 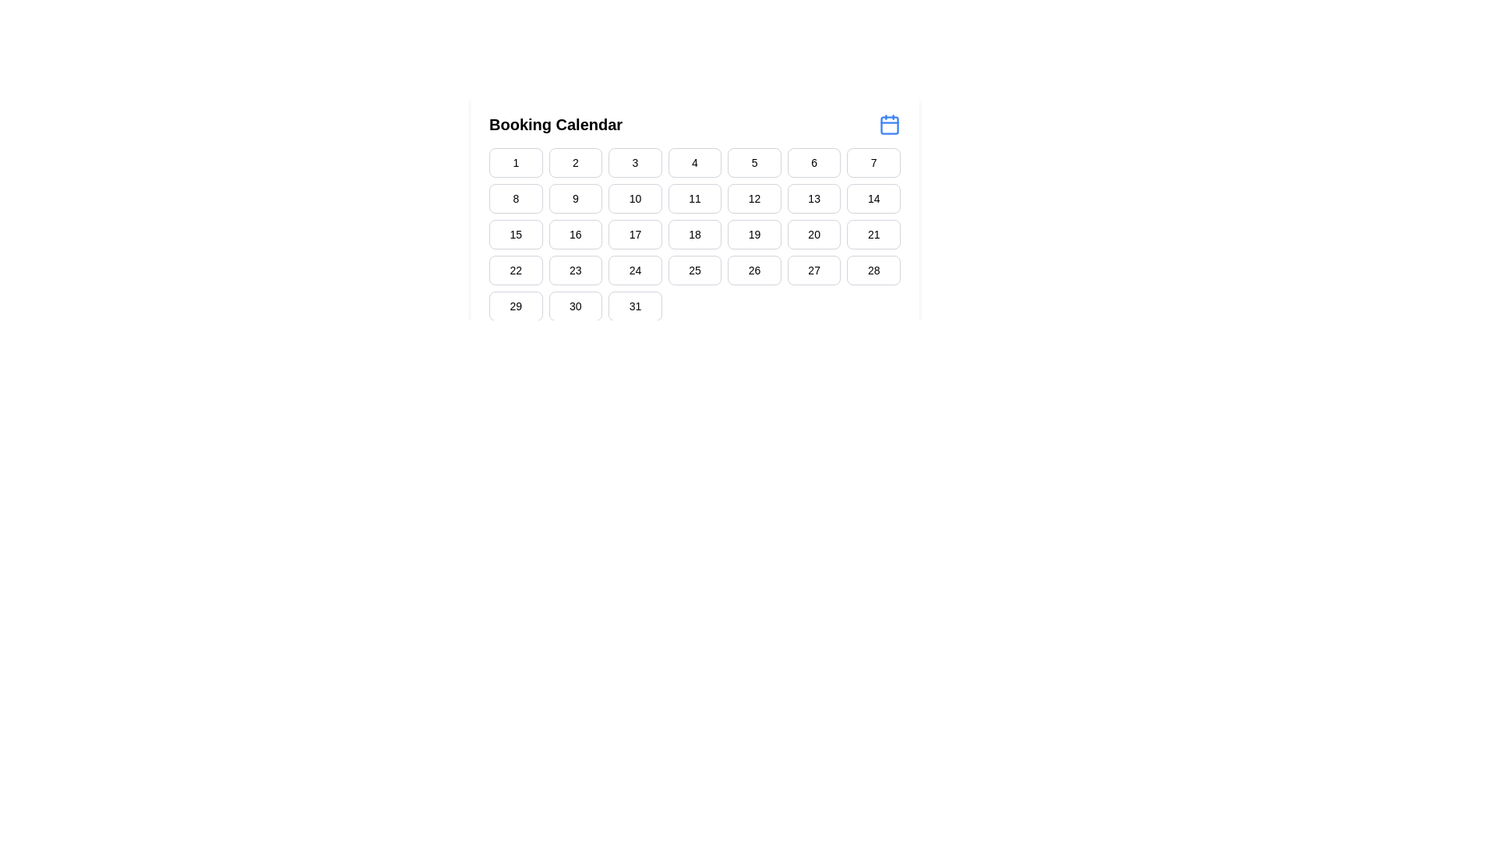 What do you see at coordinates (516, 306) in the screenshot?
I see `the cell styled as a button displaying the text '29' in the calendar interface` at bounding box center [516, 306].